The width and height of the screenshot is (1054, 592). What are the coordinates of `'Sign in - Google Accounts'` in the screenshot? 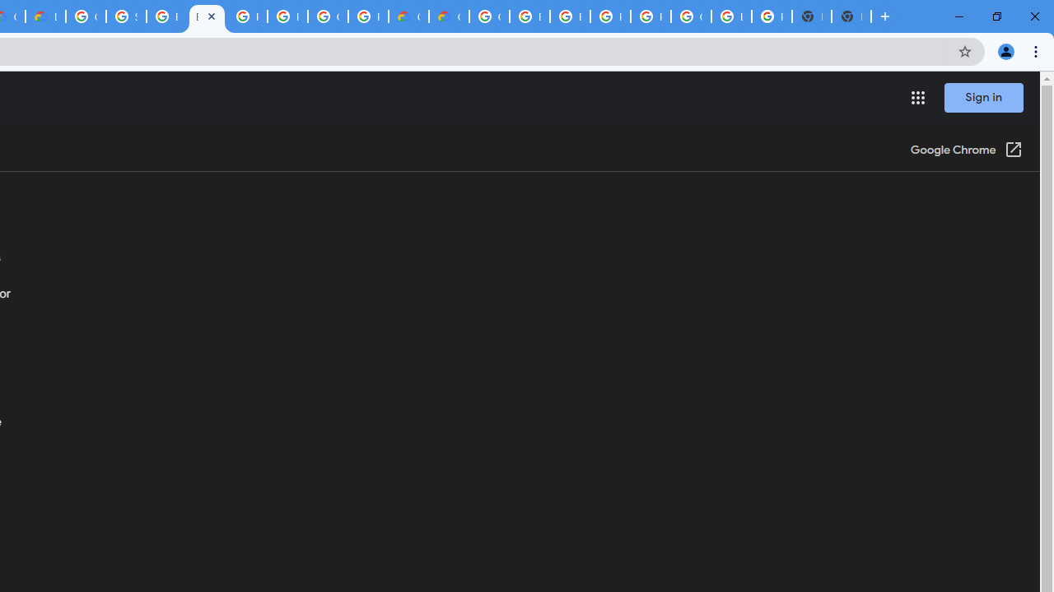 It's located at (125, 16).